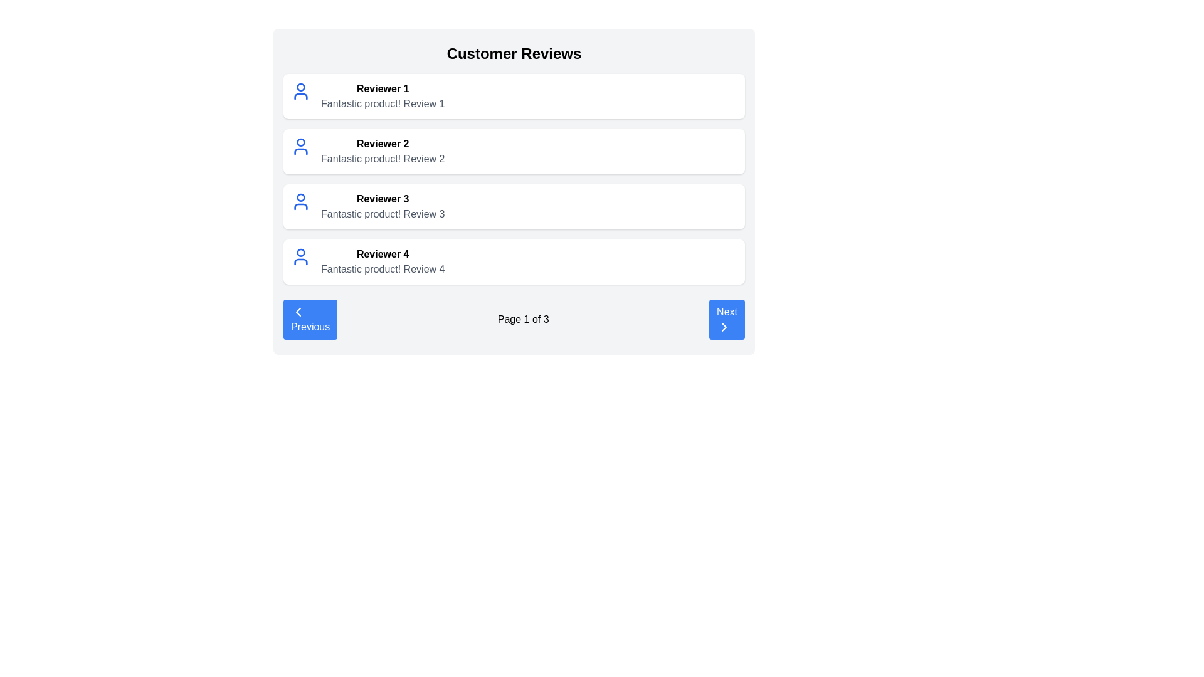 The width and height of the screenshot is (1204, 677). What do you see at coordinates (297, 311) in the screenshot?
I see `the navigation icon labeled 'Previous' located in the lower-left corner of the interface` at bounding box center [297, 311].